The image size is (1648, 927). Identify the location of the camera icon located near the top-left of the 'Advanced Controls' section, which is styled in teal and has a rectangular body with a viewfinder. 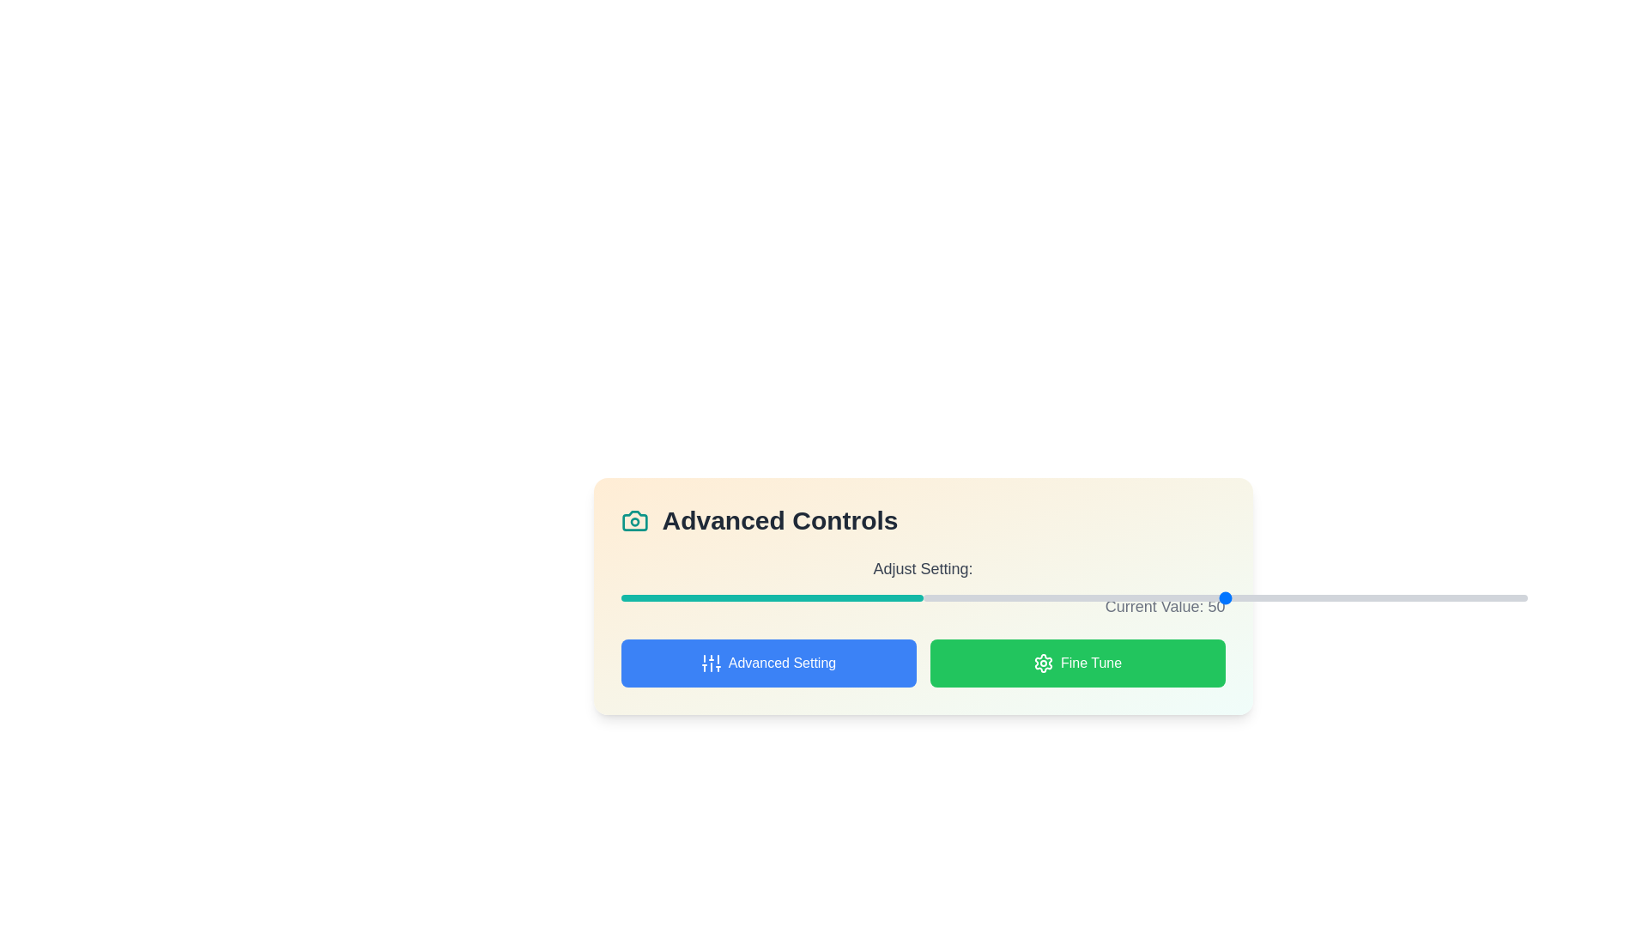
(633, 519).